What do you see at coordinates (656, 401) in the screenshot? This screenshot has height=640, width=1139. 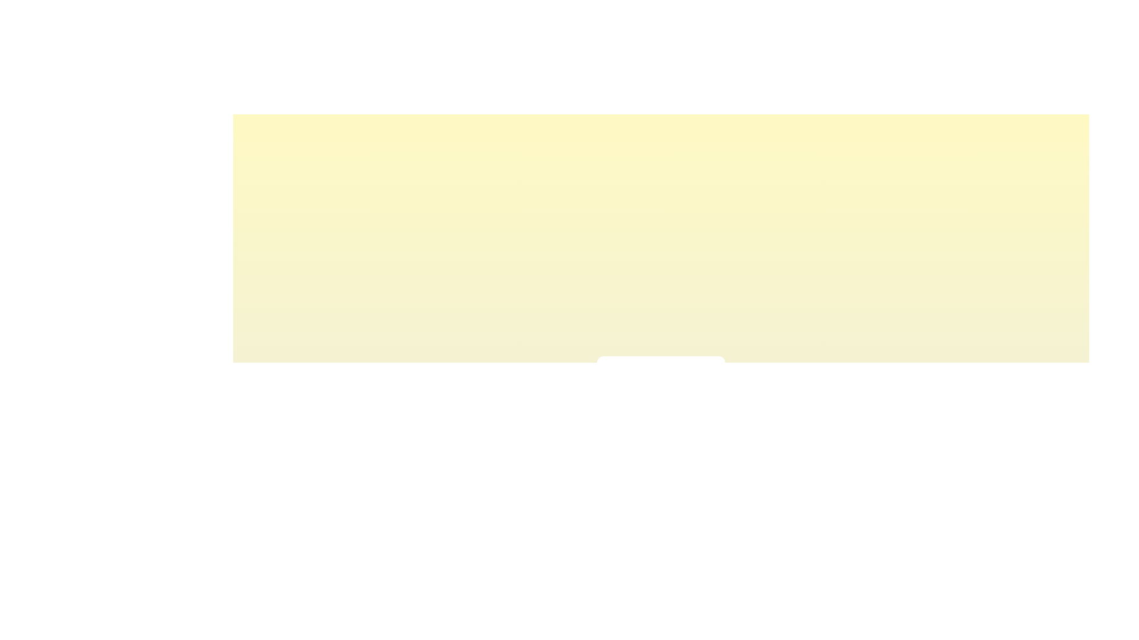 I see `the light intensity to 46% by dragging the slider` at bounding box center [656, 401].